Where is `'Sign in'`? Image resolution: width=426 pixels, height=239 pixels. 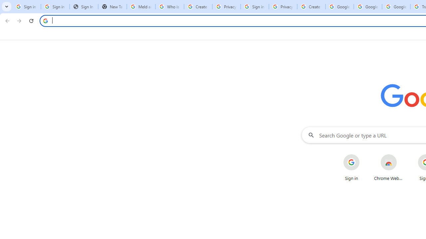 'Sign in' is located at coordinates (351, 167).